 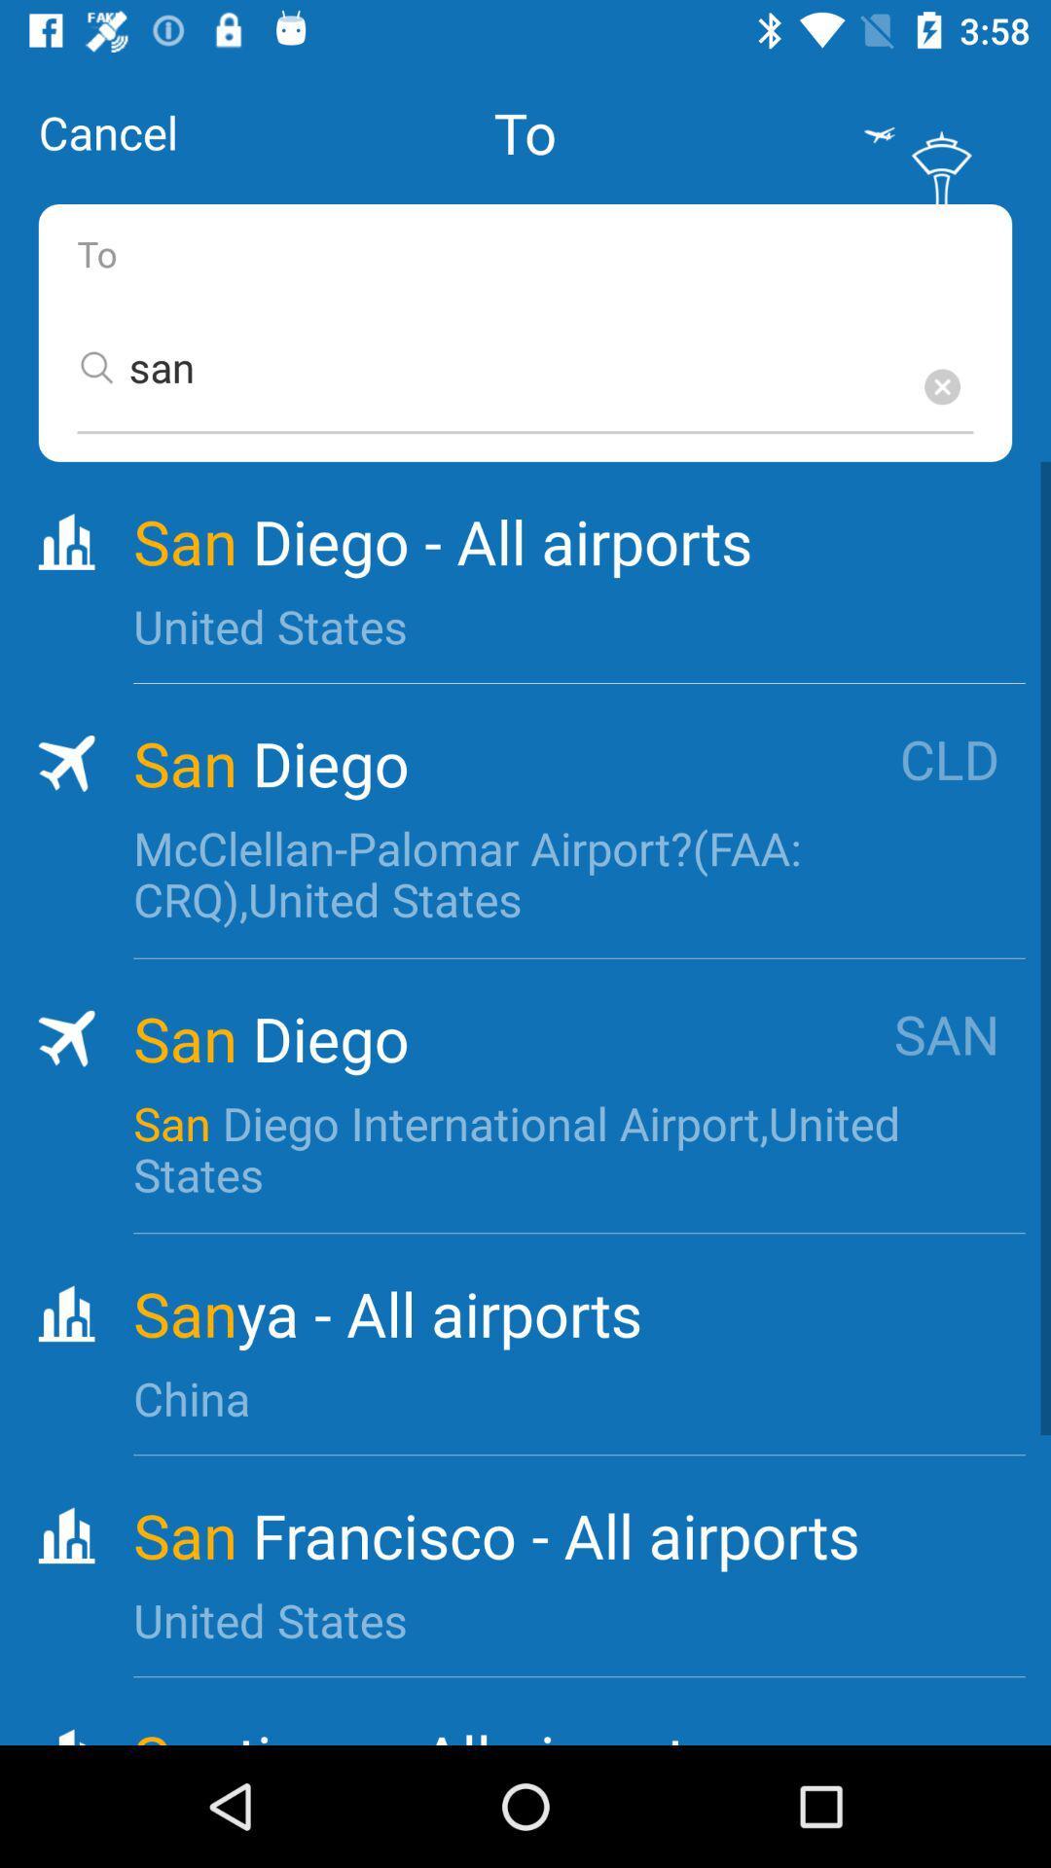 I want to click on the close icon, so click(x=941, y=386).